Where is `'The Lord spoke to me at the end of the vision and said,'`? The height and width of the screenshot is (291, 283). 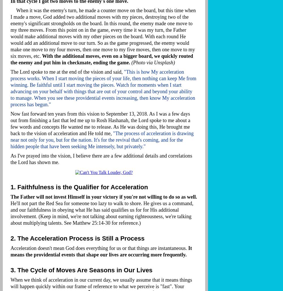
'The Lord spoke to me at the end of the vision and said,' is located at coordinates (67, 72).